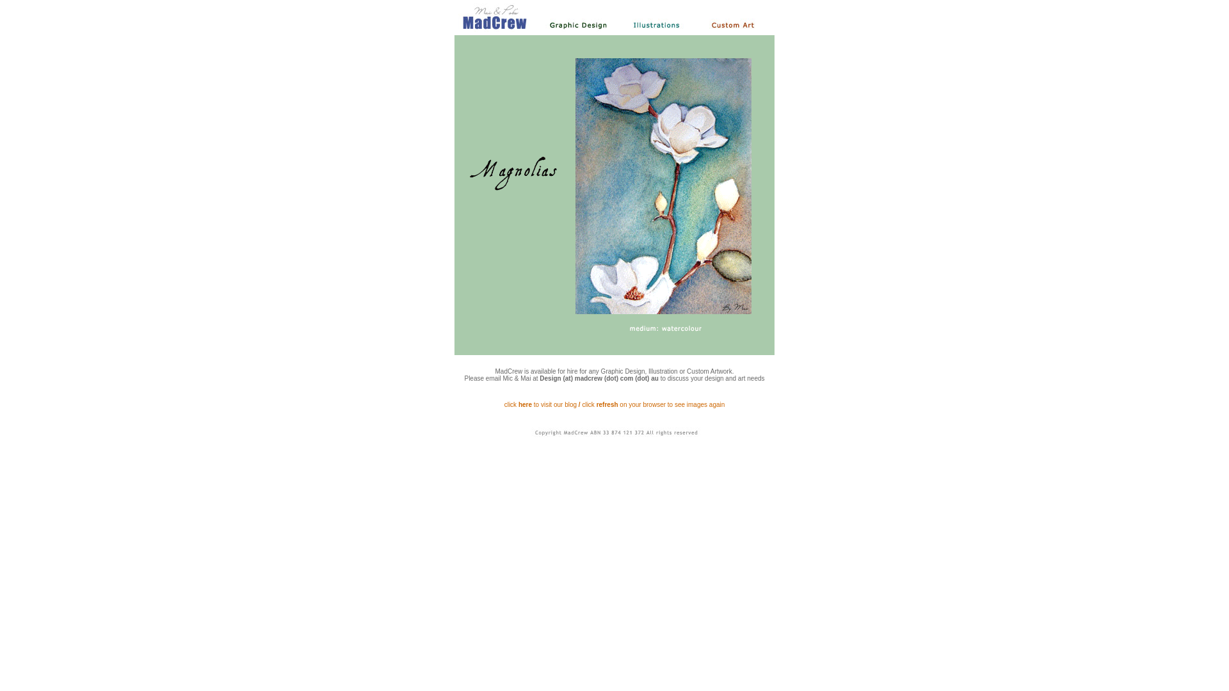  Describe the element at coordinates (540, 404) in the screenshot. I see `'click here to visit our blog'` at that location.